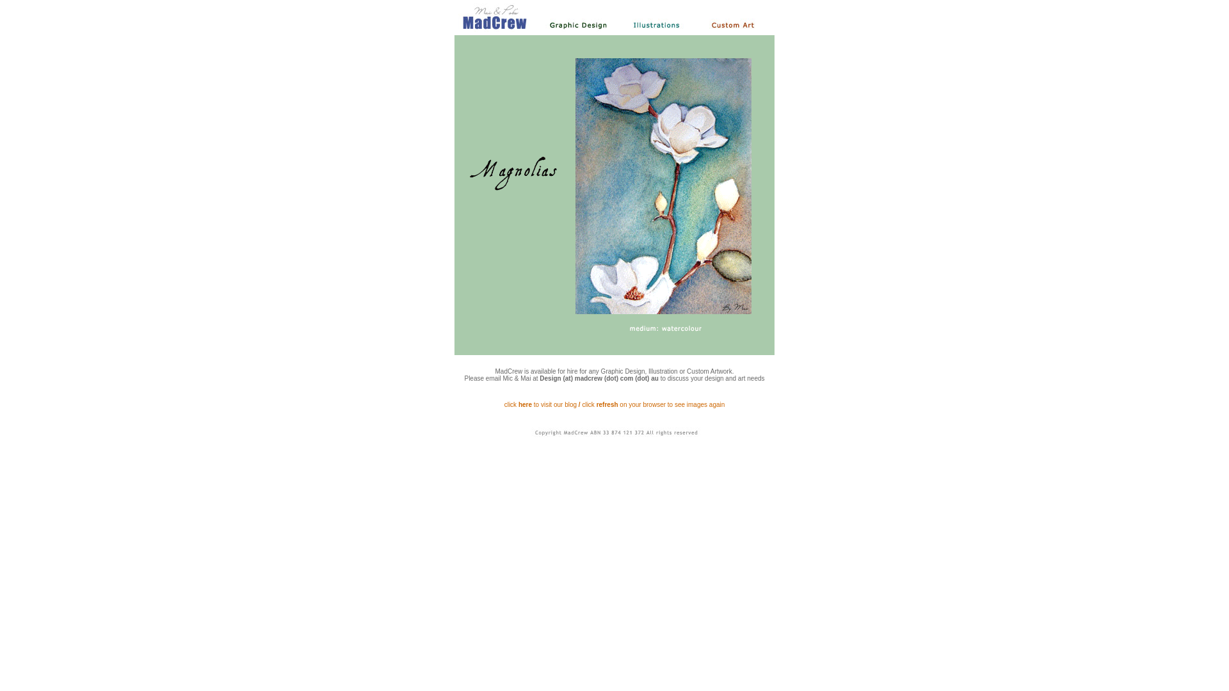  Describe the element at coordinates (540, 404) in the screenshot. I see `'click here to visit our blog'` at that location.